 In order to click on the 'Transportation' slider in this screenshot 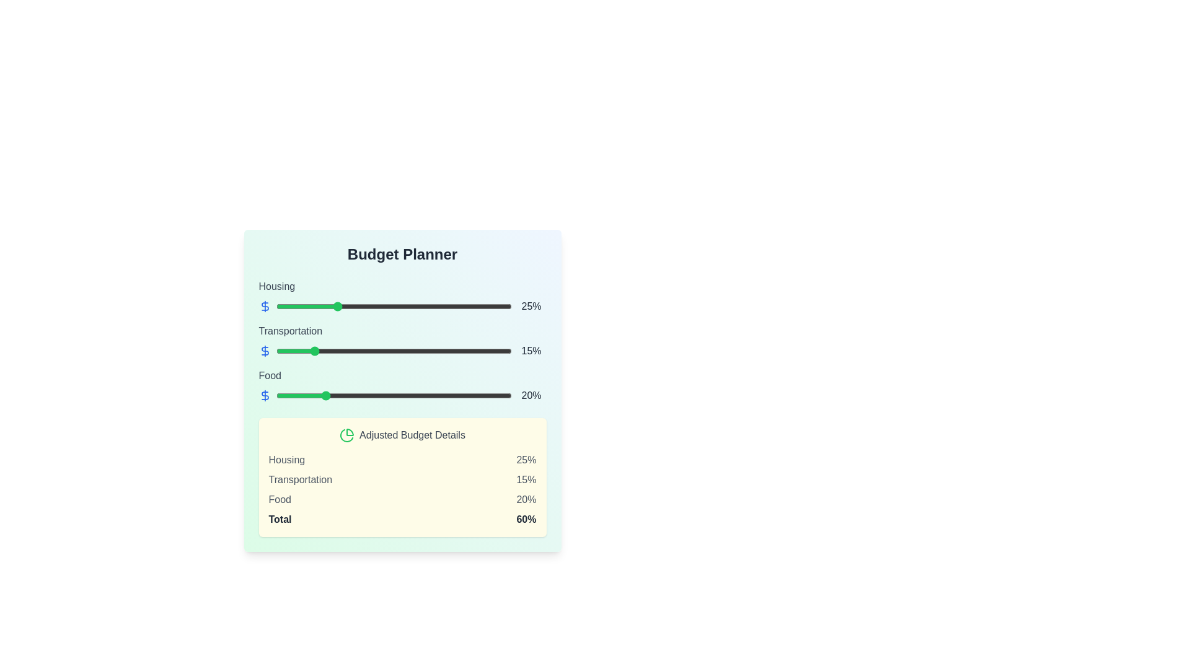, I will do `click(351, 351)`.